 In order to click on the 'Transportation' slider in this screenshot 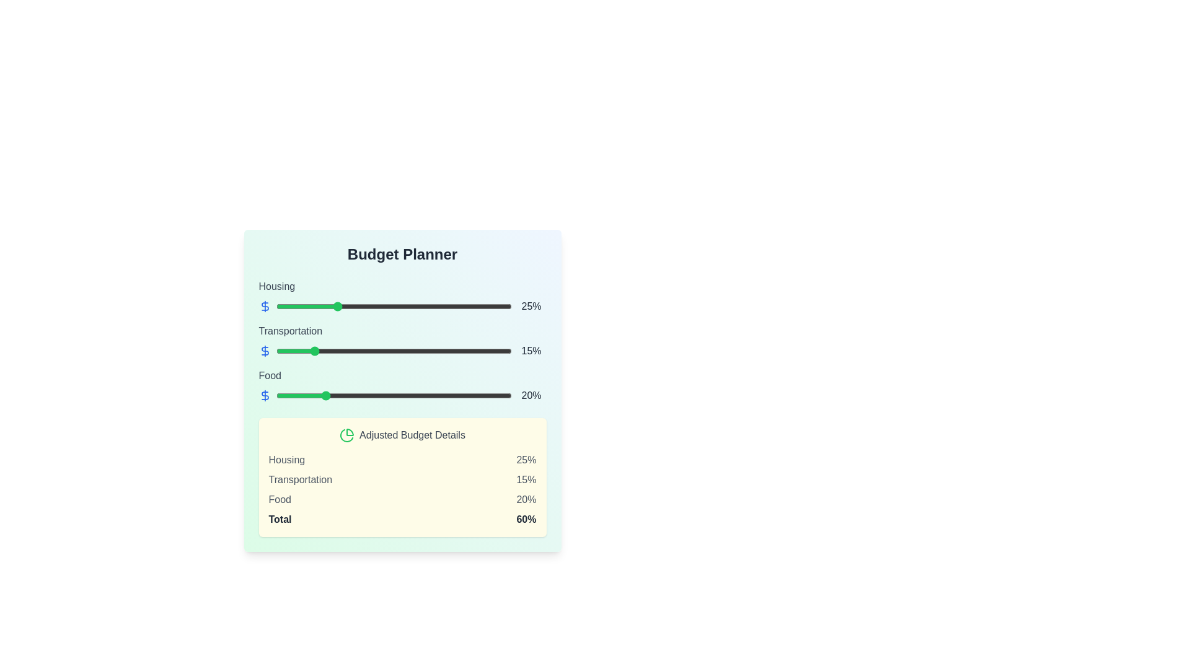, I will do `click(351, 351)`.